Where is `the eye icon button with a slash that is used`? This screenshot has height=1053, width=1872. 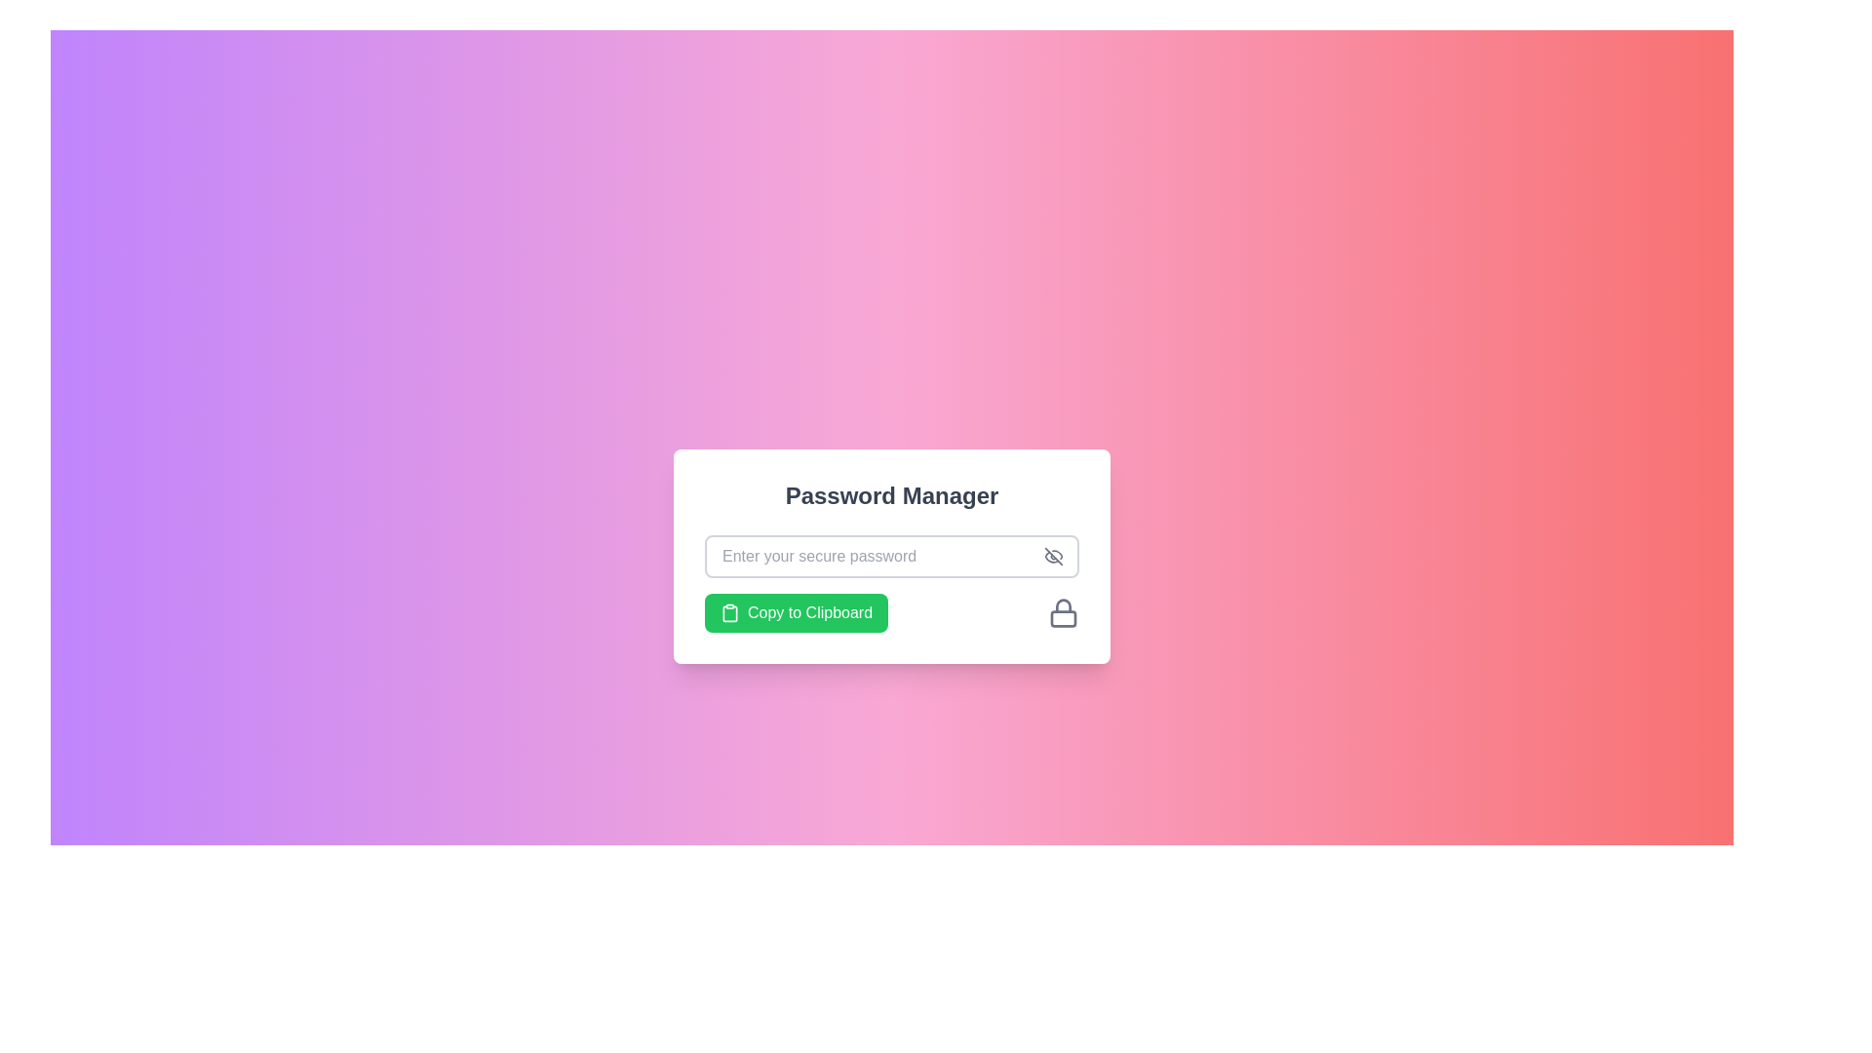 the eye icon button with a slash that is used is located at coordinates (1052, 556).